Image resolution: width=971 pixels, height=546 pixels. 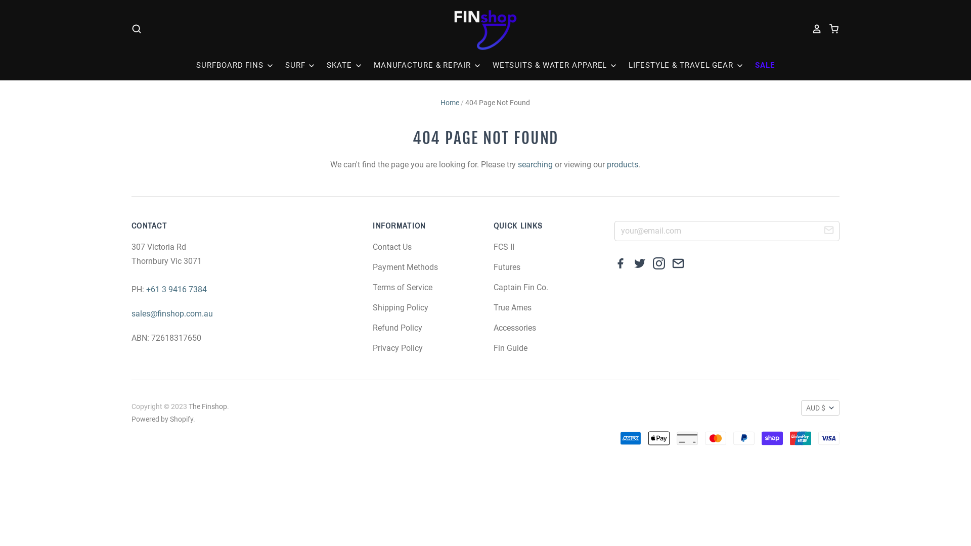 What do you see at coordinates (535, 164) in the screenshot?
I see `'searching'` at bounding box center [535, 164].